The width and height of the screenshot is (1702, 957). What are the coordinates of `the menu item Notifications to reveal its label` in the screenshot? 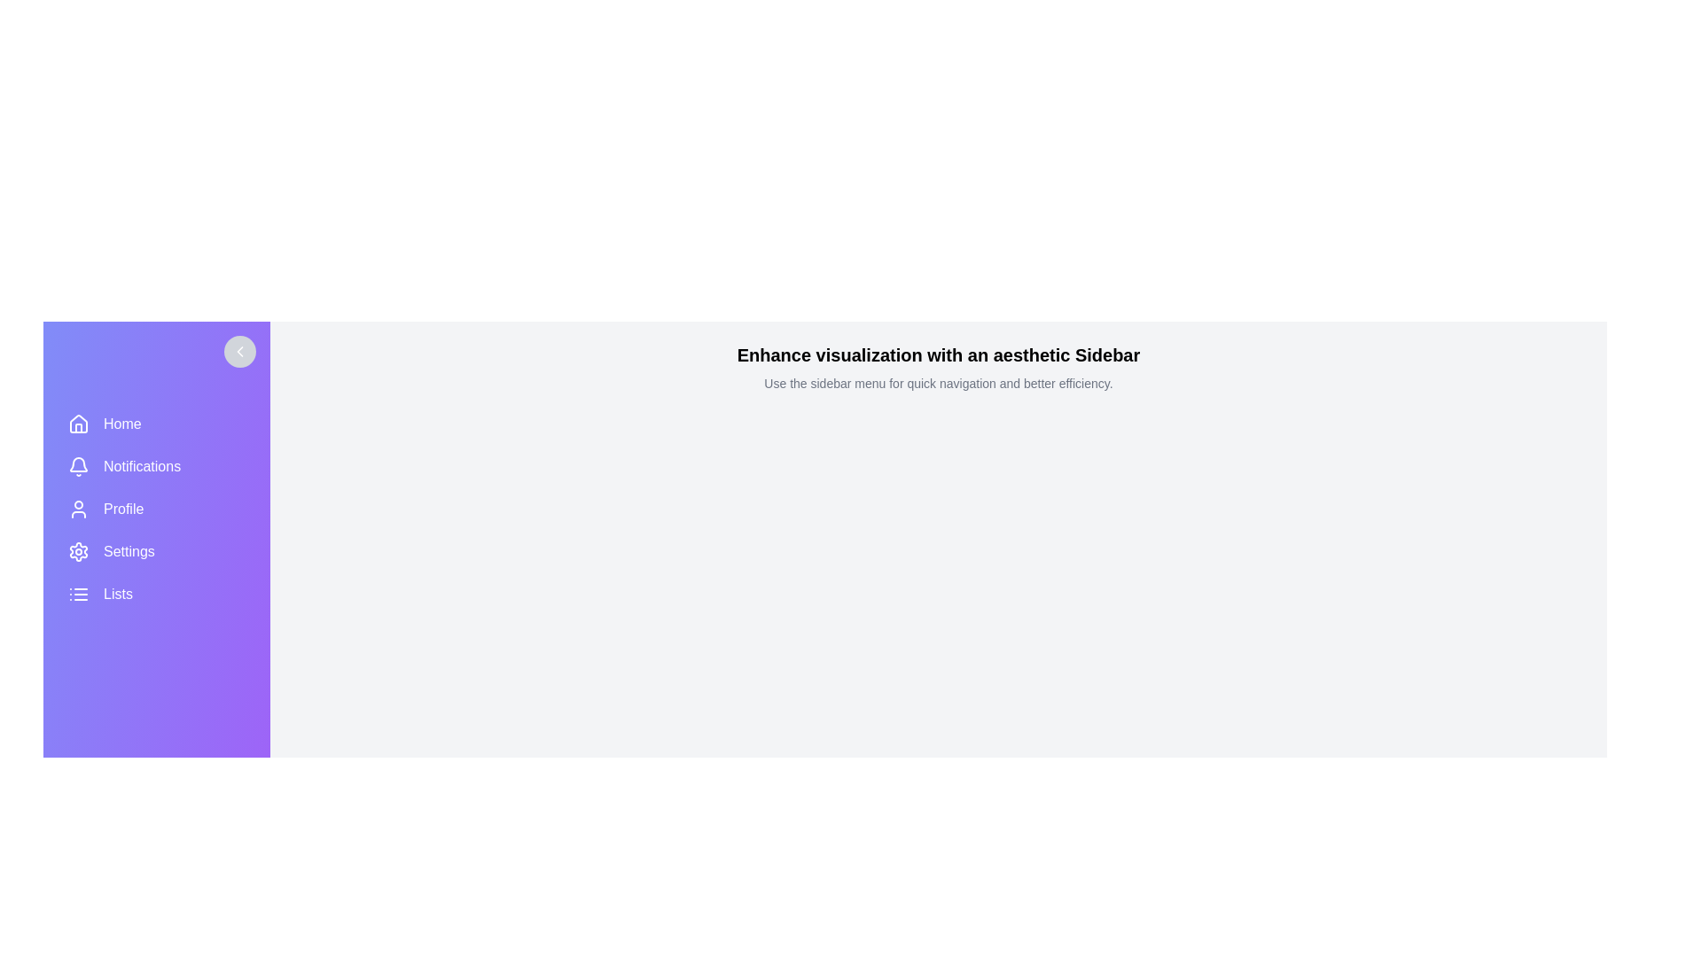 It's located at (157, 466).